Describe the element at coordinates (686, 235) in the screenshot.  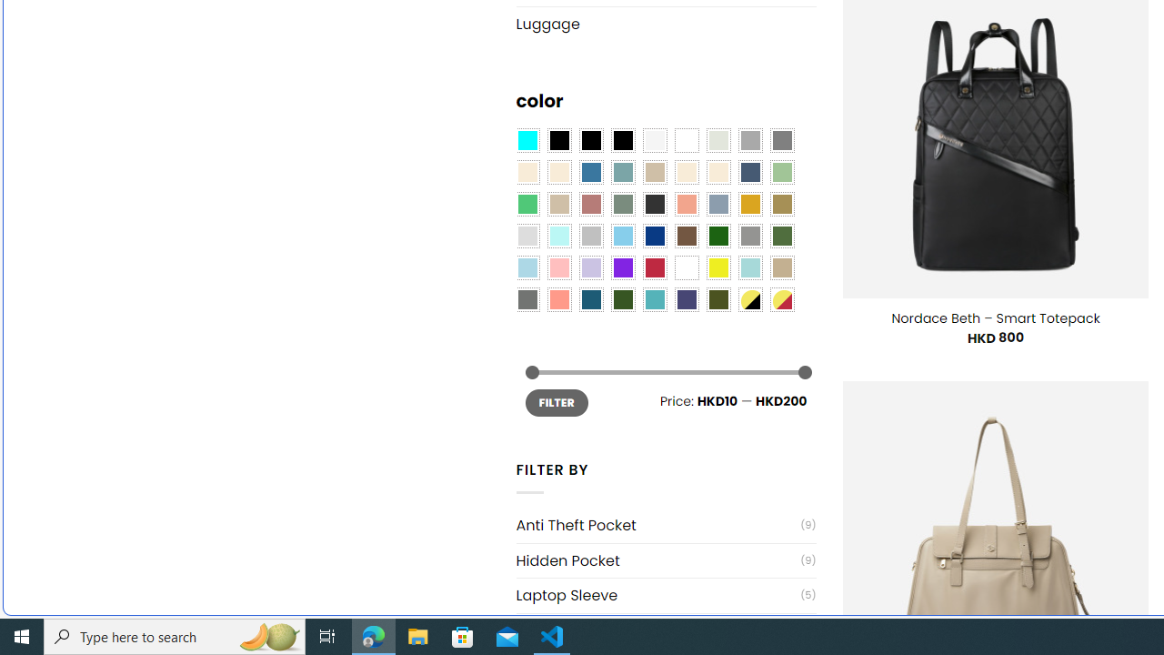
I see `'Brown'` at that location.